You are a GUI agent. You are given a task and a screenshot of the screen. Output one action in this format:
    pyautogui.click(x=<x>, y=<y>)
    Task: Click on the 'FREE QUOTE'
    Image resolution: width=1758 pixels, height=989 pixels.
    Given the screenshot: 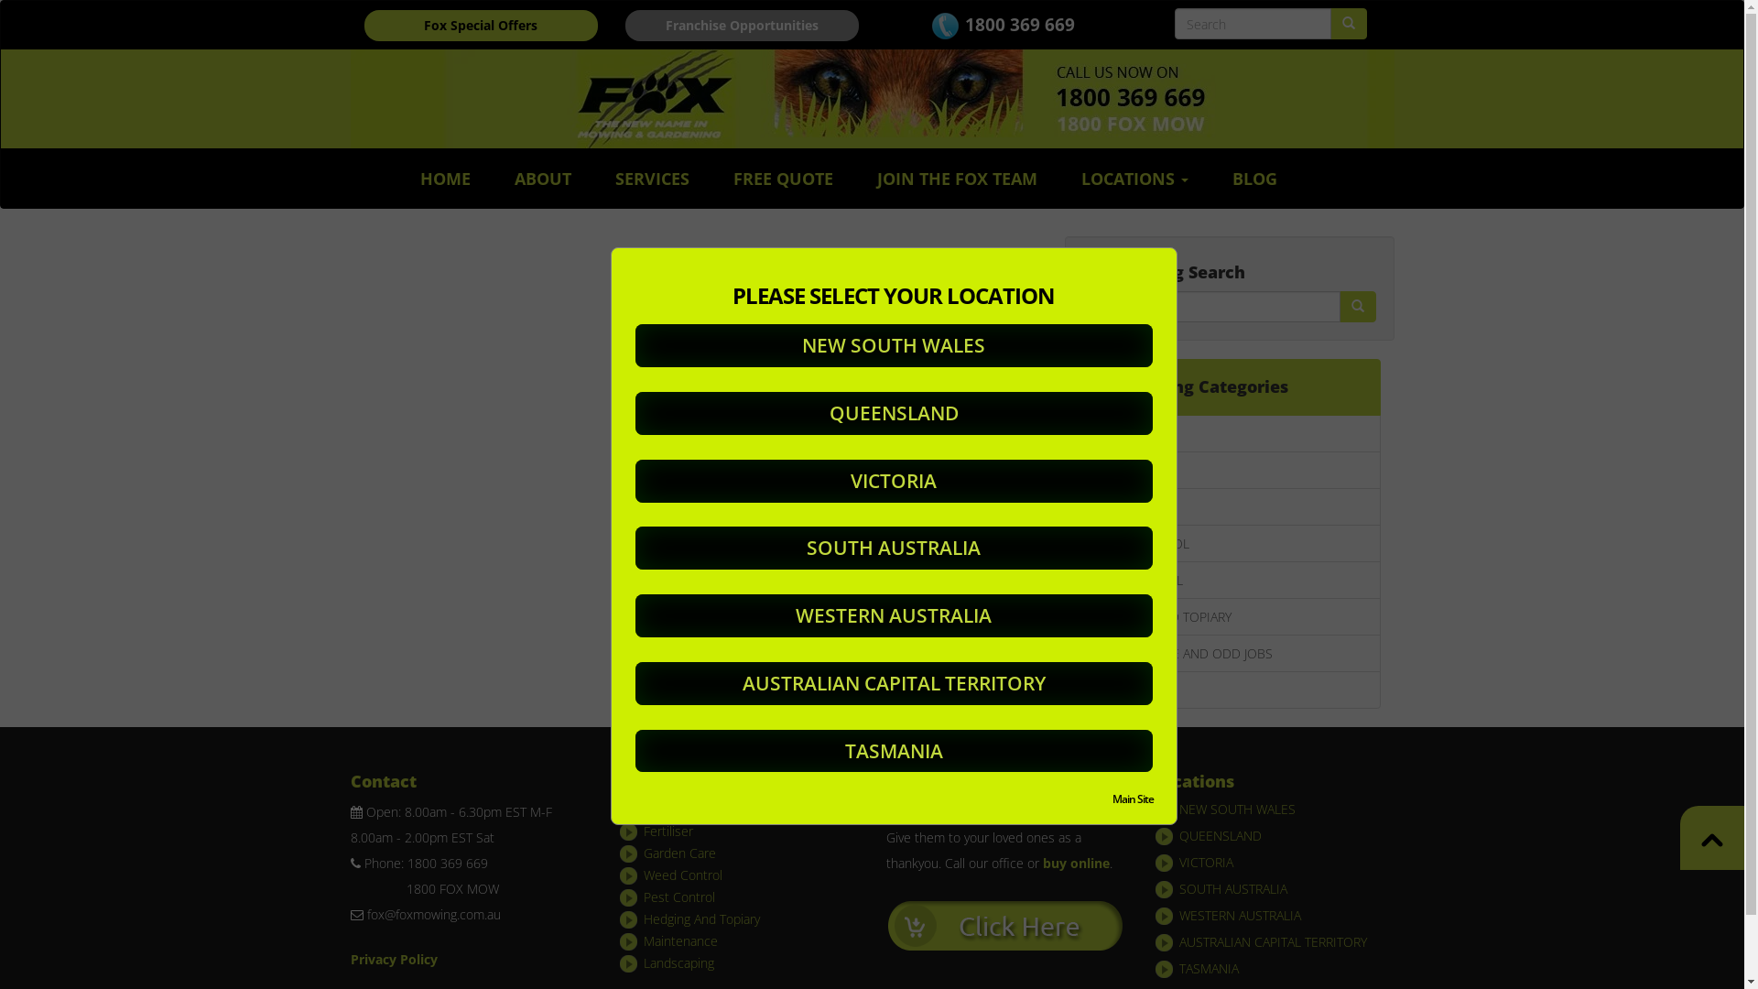 What is the action you would take?
    pyautogui.click(x=783, y=179)
    